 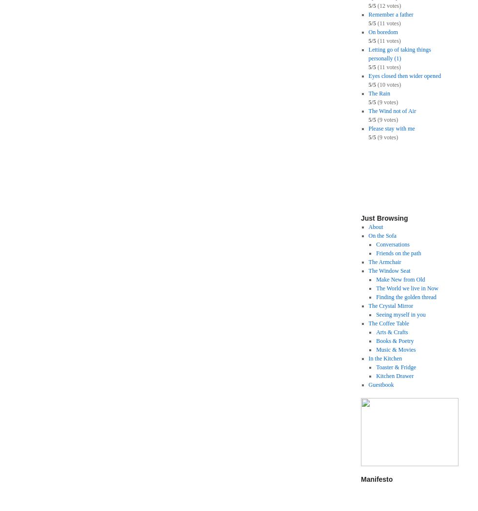 What do you see at coordinates (388, 83) in the screenshot?
I see `'(10 votes)'` at bounding box center [388, 83].